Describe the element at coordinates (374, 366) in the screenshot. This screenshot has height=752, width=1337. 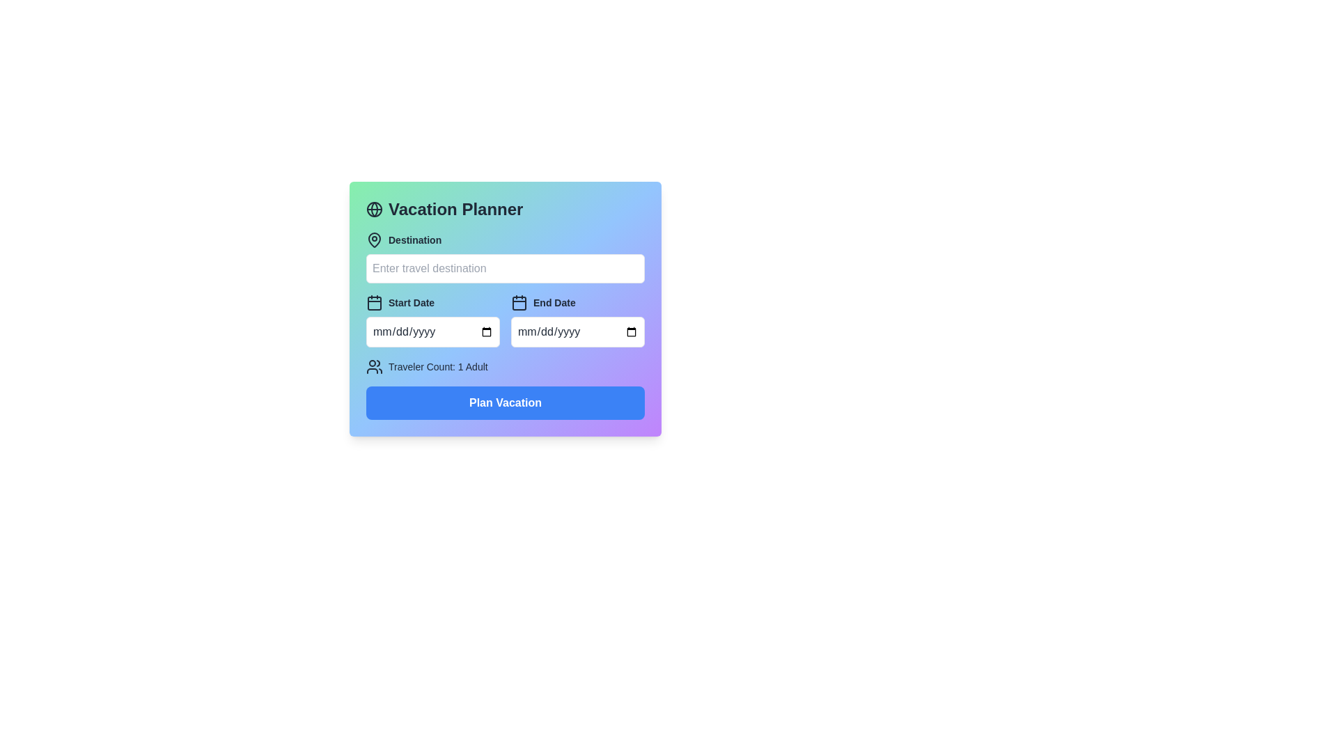
I see `the icon featuring two abstract human figures, which is positioned to the left of the text 'Traveler Count: 1 Adult' in the UI card` at that location.